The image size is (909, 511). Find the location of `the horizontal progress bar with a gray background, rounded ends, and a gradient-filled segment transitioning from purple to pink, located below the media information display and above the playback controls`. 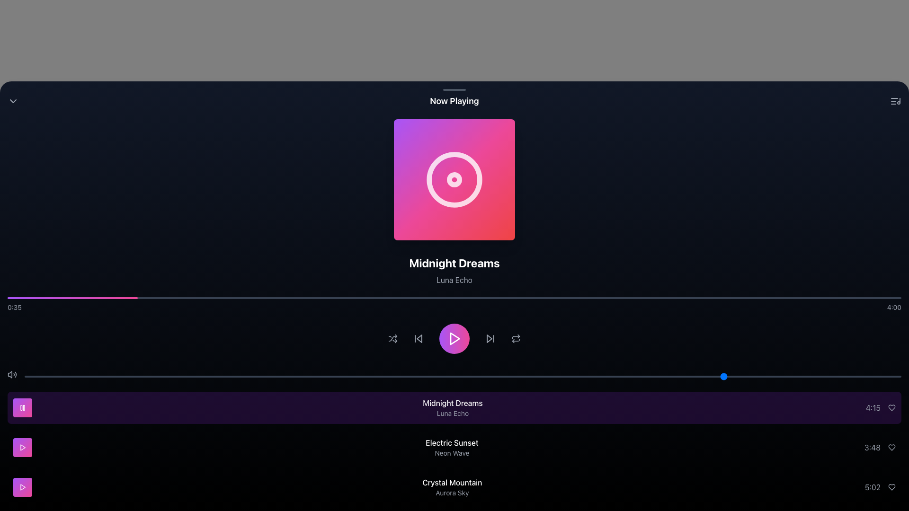

the horizontal progress bar with a gray background, rounded ends, and a gradient-filled segment transitioning from purple to pink, located below the media information display and above the playback controls is located at coordinates (454, 297).